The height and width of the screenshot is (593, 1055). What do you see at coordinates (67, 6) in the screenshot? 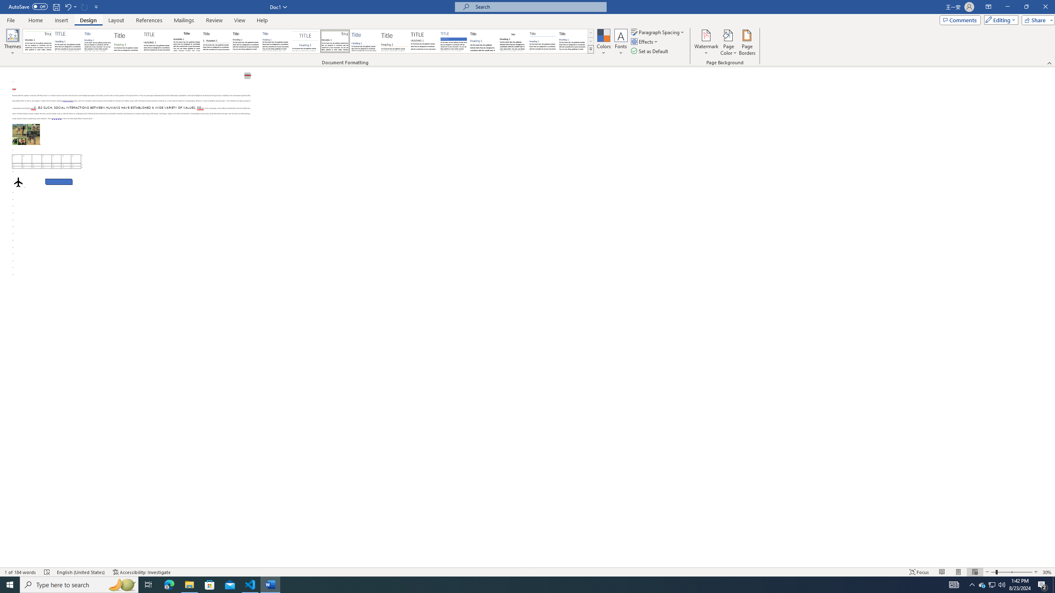
I see `'Undo Apply Quick Style Set'` at bounding box center [67, 6].